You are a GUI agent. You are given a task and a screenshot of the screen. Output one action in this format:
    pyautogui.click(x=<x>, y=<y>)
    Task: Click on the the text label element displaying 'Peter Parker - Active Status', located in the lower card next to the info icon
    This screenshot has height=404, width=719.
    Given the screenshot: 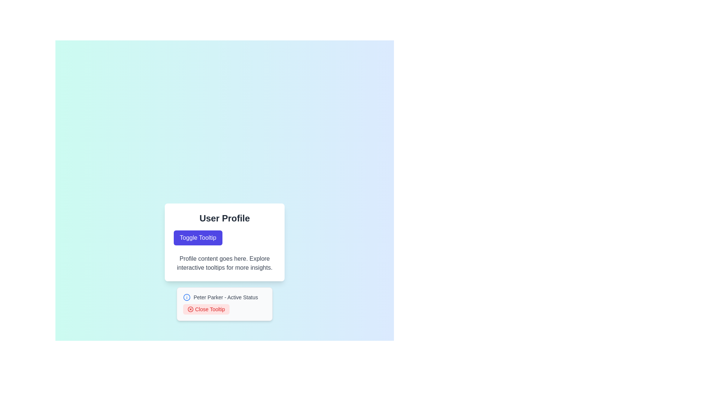 What is the action you would take?
    pyautogui.click(x=225, y=297)
    